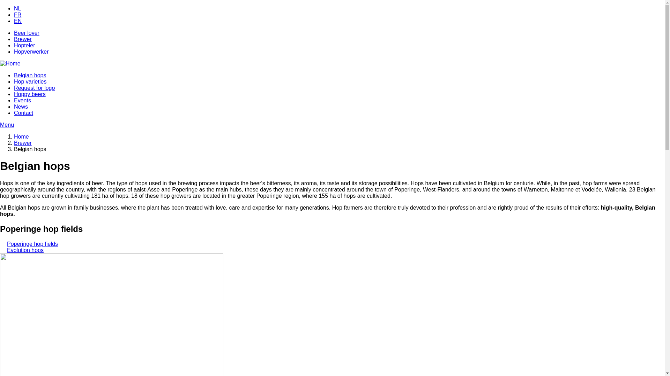 This screenshot has width=670, height=376. I want to click on 'FR', so click(17, 15).